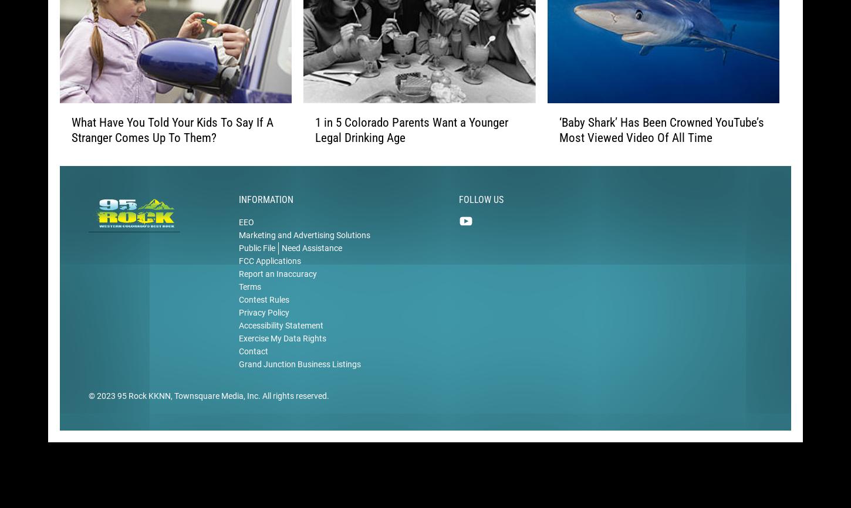 The height and width of the screenshot is (508, 851). Describe the element at coordinates (277, 289) in the screenshot. I see `'Report an Inaccuracy'` at that location.